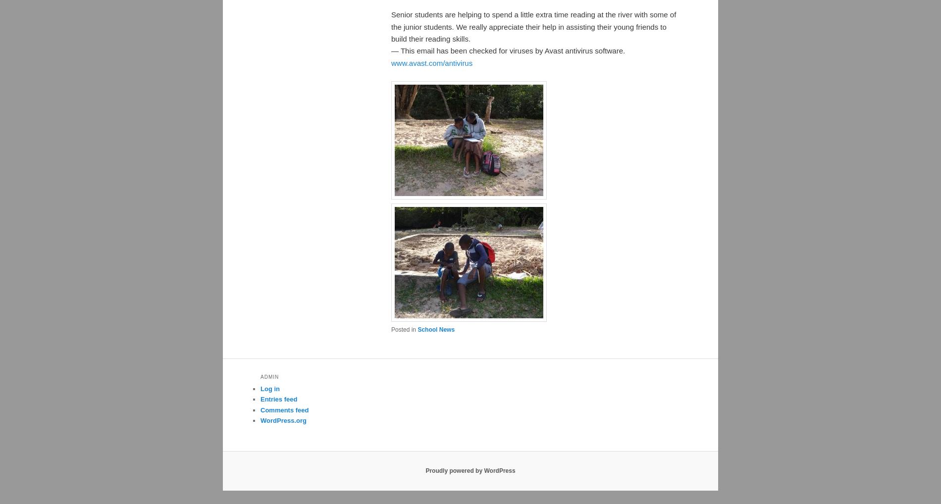 This screenshot has width=941, height=504. Describe the element at coordinates (284, 409) in the screenshot. I see `'Comments feed'` at that location.